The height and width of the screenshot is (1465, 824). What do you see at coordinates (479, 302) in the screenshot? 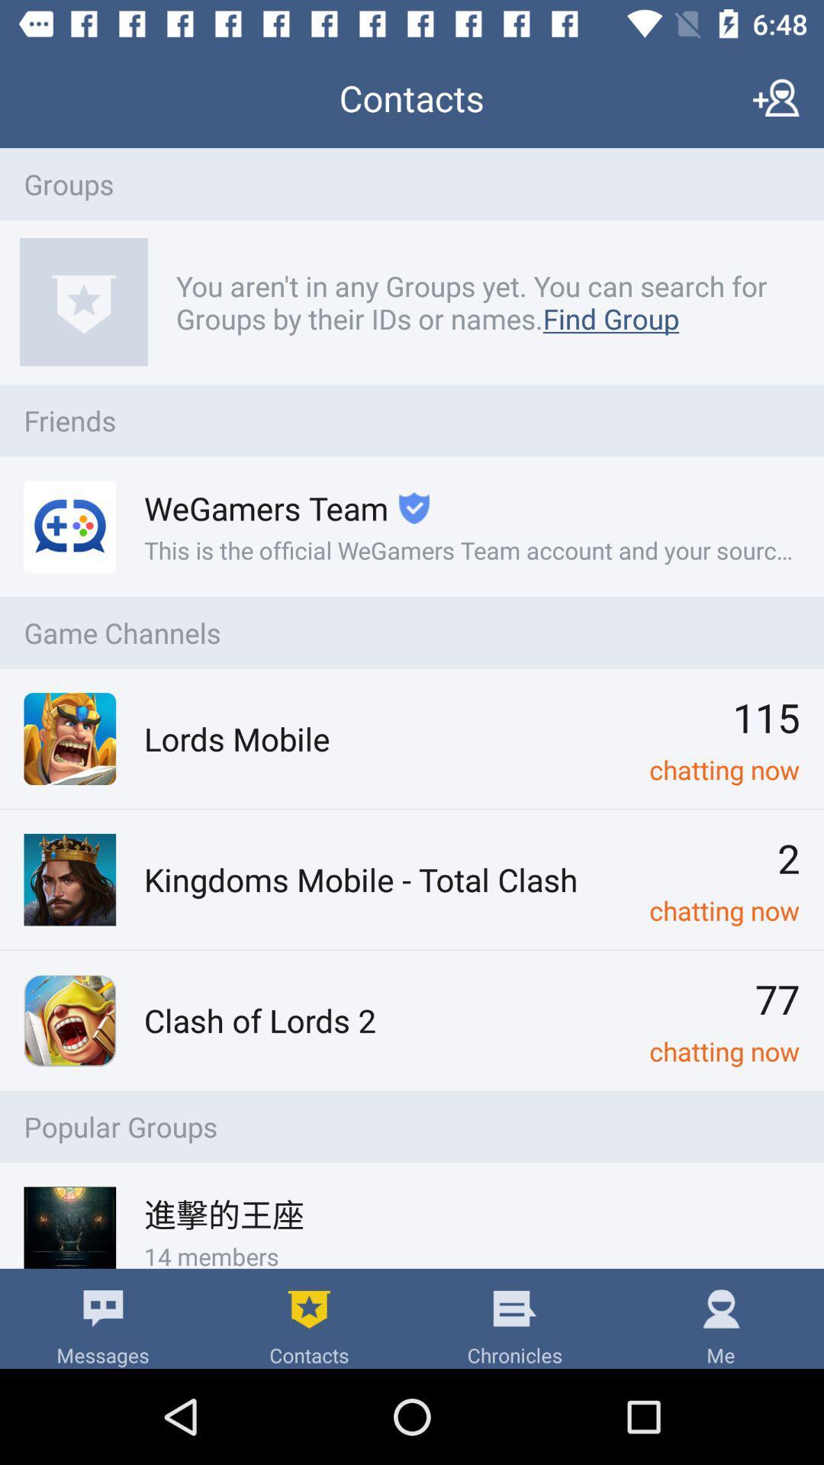
I see `app above friends icon` at bounding box center [479, 302].